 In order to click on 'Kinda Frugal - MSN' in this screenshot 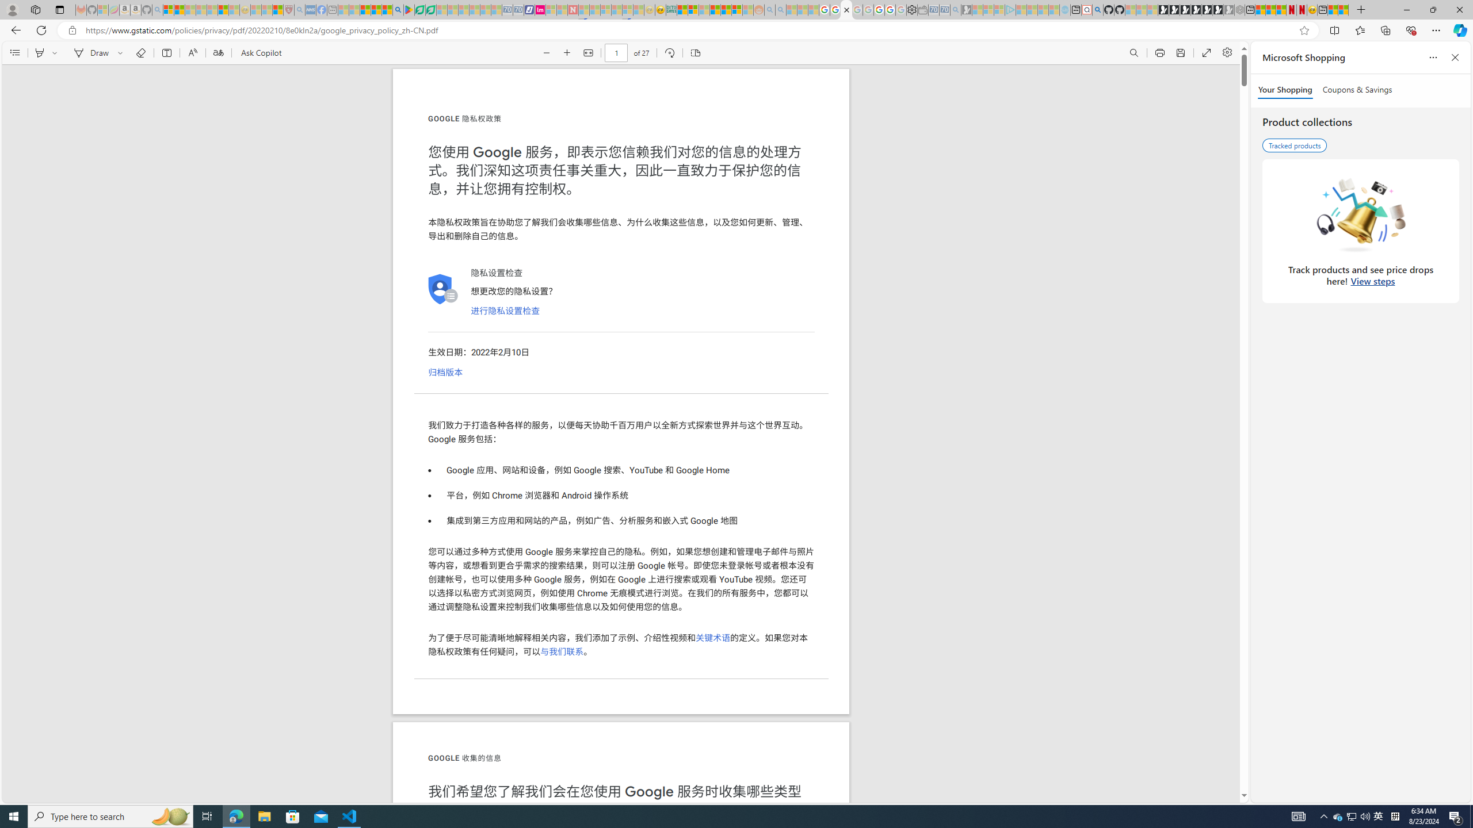, I will do `click(726, 9)`.